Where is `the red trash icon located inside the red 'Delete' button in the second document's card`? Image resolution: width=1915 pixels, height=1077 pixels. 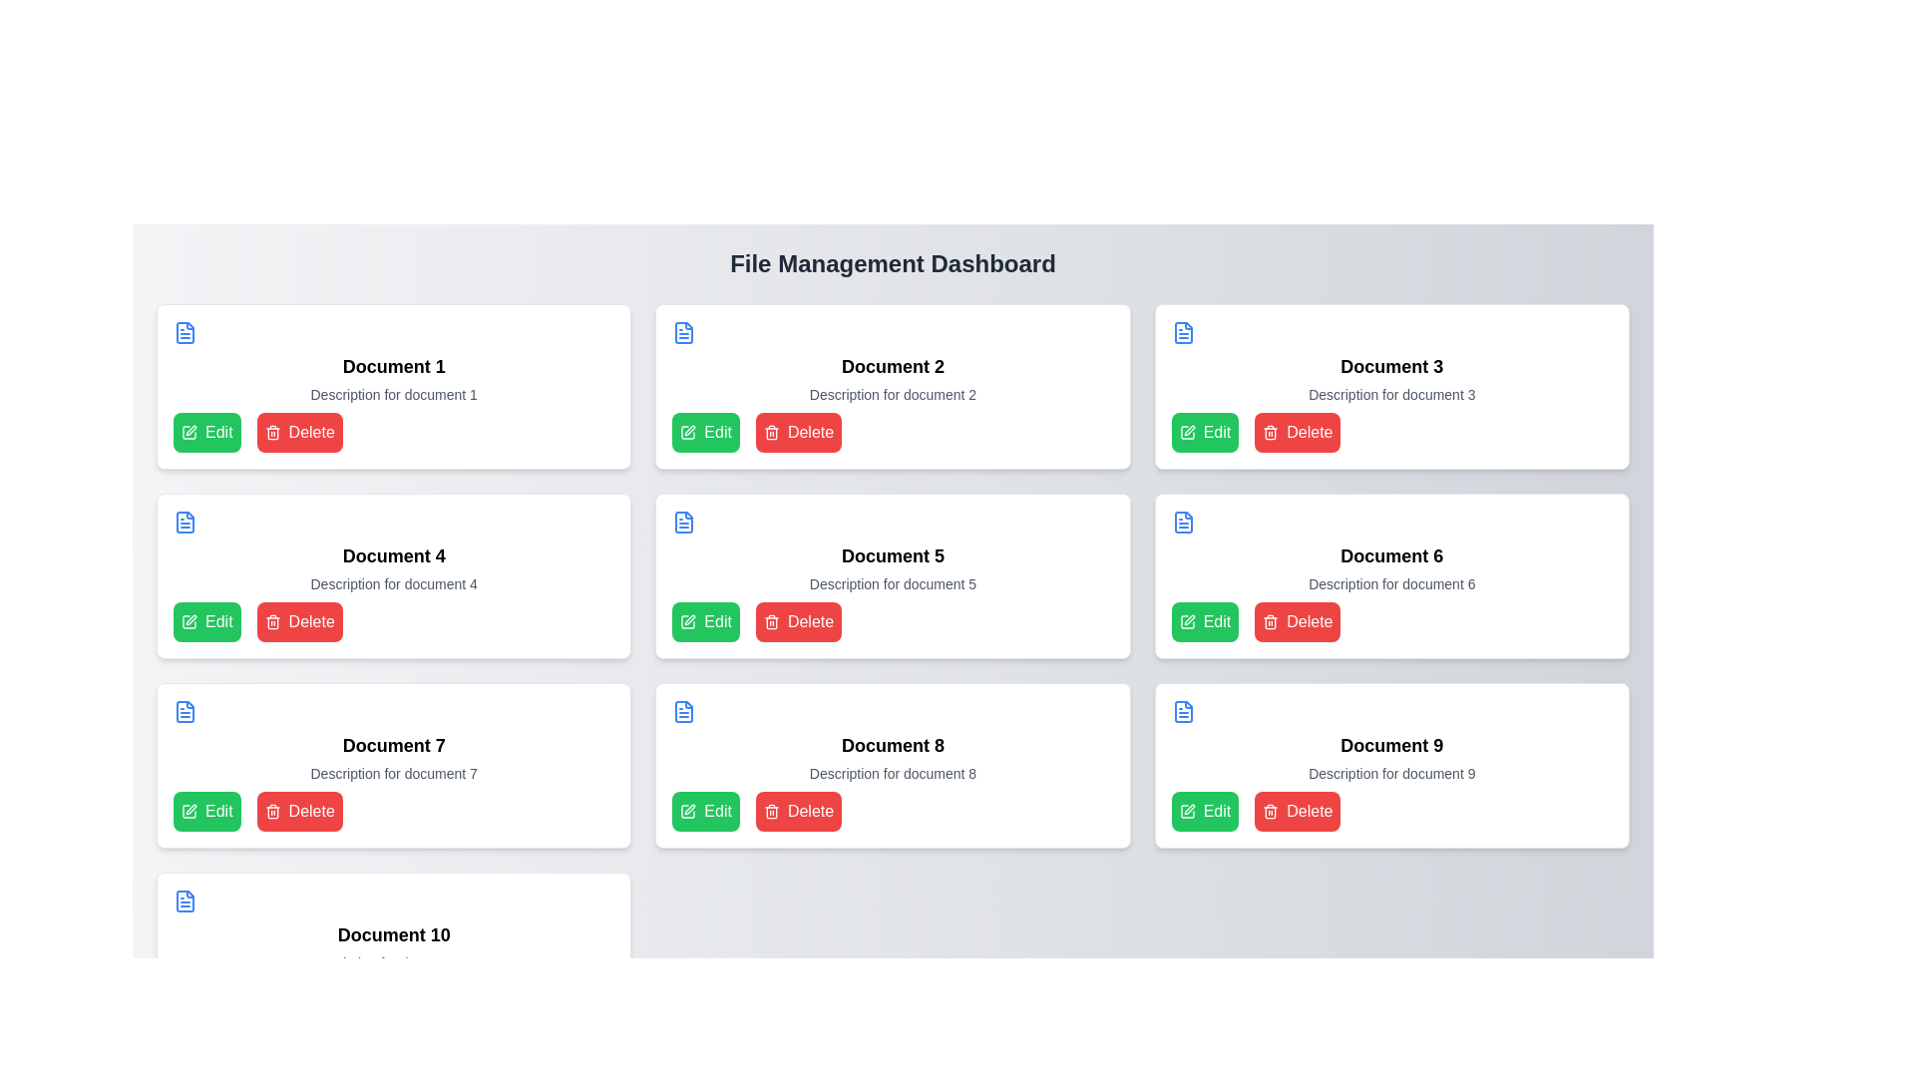 the red trash icon located inside the red 'Delete' button in the second document's card is located at coordinates (770, 432).